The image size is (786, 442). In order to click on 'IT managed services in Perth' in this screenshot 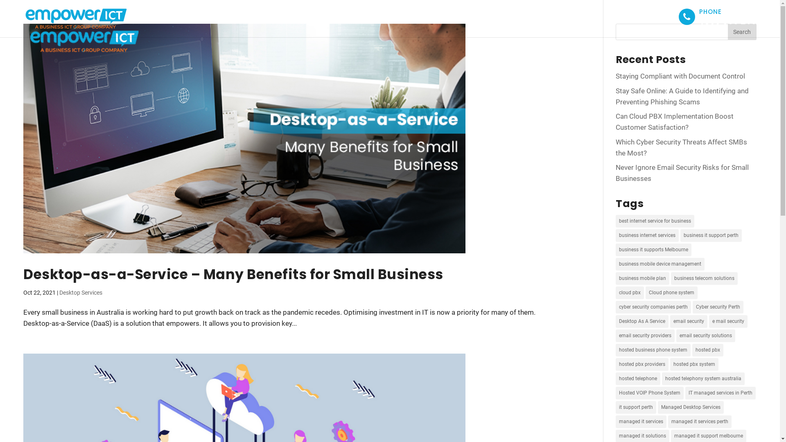, I will do `click(720, 392)`.